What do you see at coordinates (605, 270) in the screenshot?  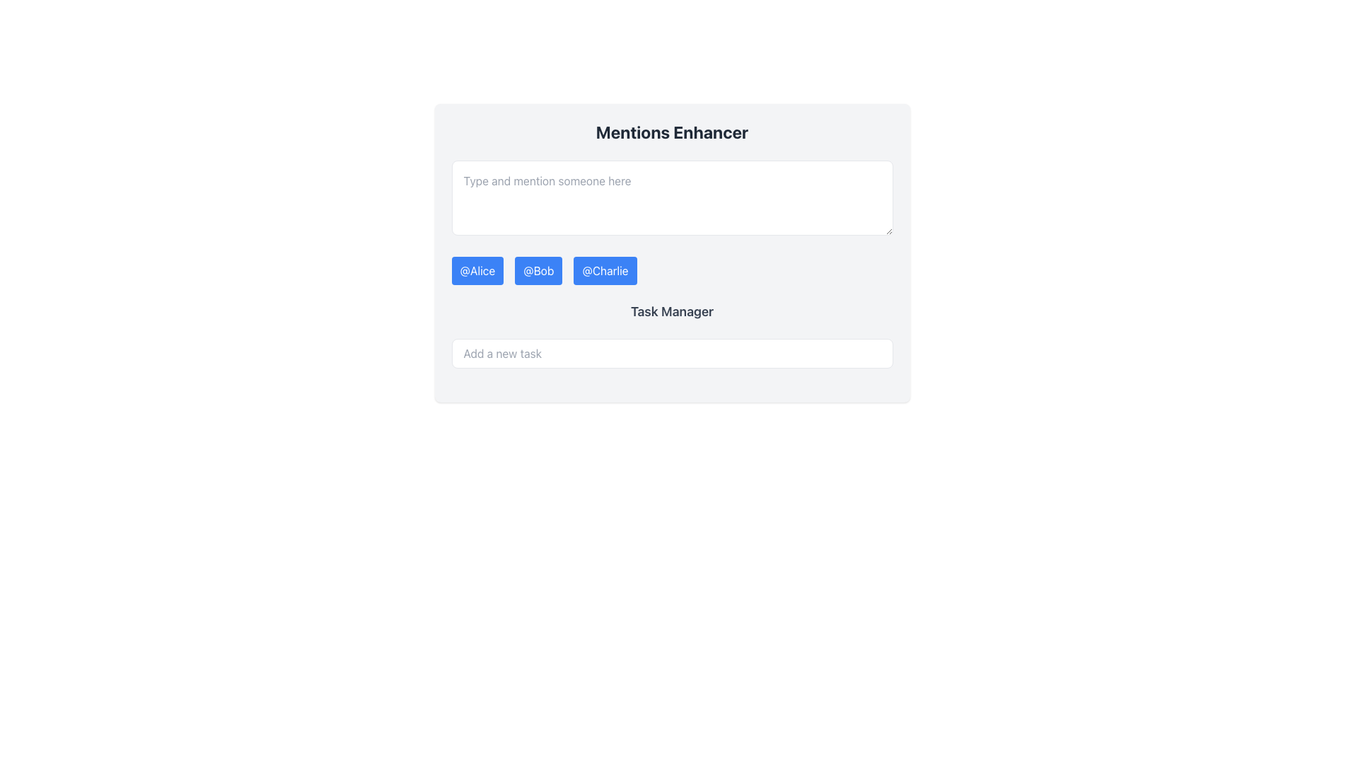 I see `the '@Charlie' button, which is the third button in a horizontal row, to mention '@Charlie' in the input field above` at bounding box center [605, 270].